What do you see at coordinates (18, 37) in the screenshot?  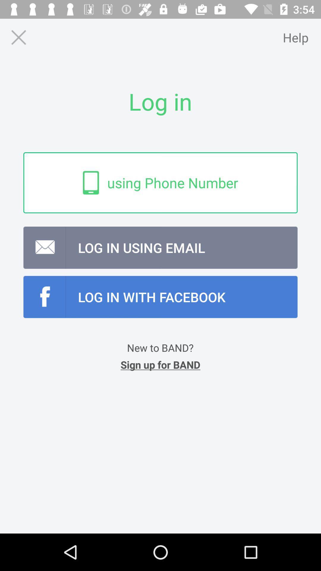 I see `exit` at bounding box center [18, 37].